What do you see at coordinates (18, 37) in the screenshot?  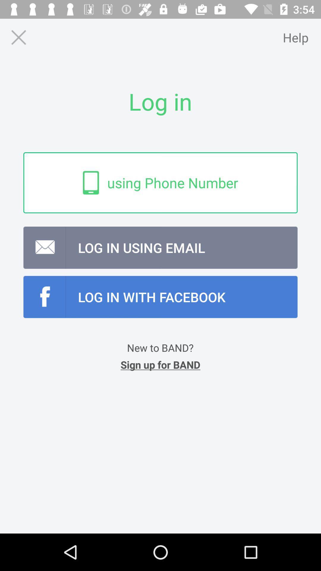 I see `exit` at bounding box center [18, 37].